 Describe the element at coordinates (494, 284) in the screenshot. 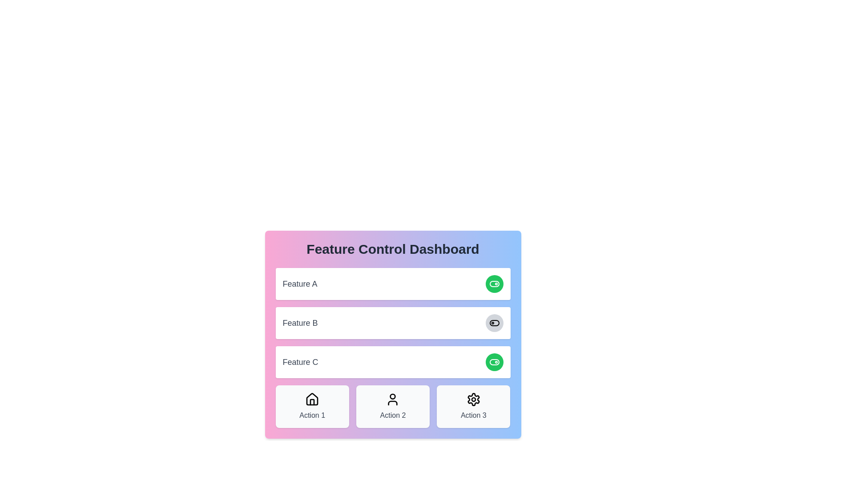

I see `the toggle switch icon with a green background and white foreground located to the right of the 'Feature C' label` at that location.